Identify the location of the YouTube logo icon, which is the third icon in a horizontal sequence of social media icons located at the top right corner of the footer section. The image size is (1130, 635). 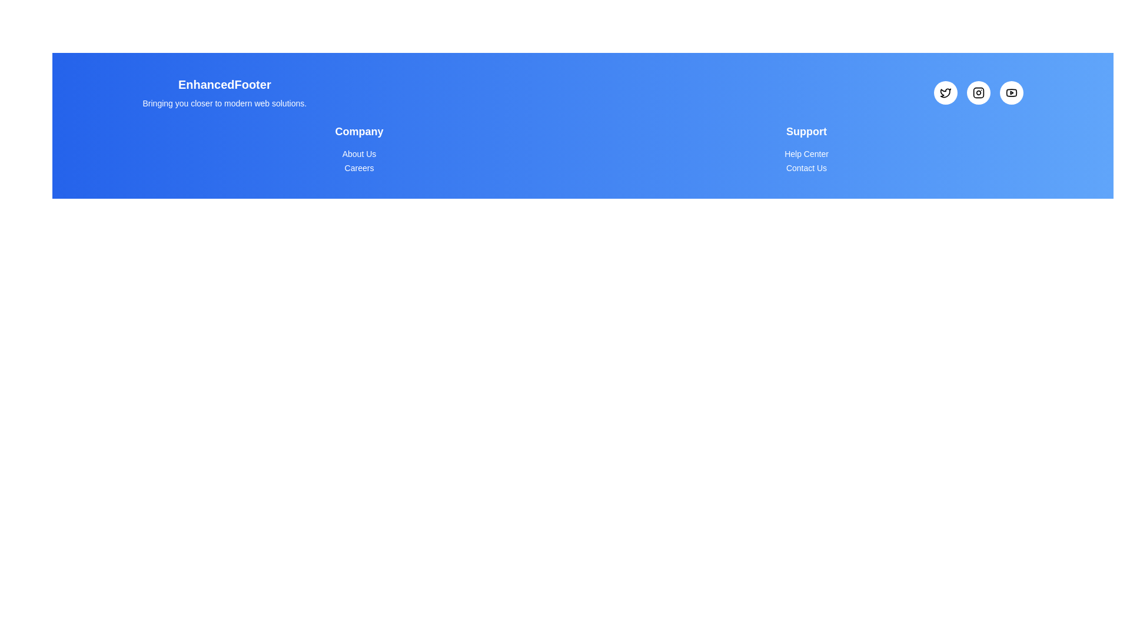
(1011, 92).